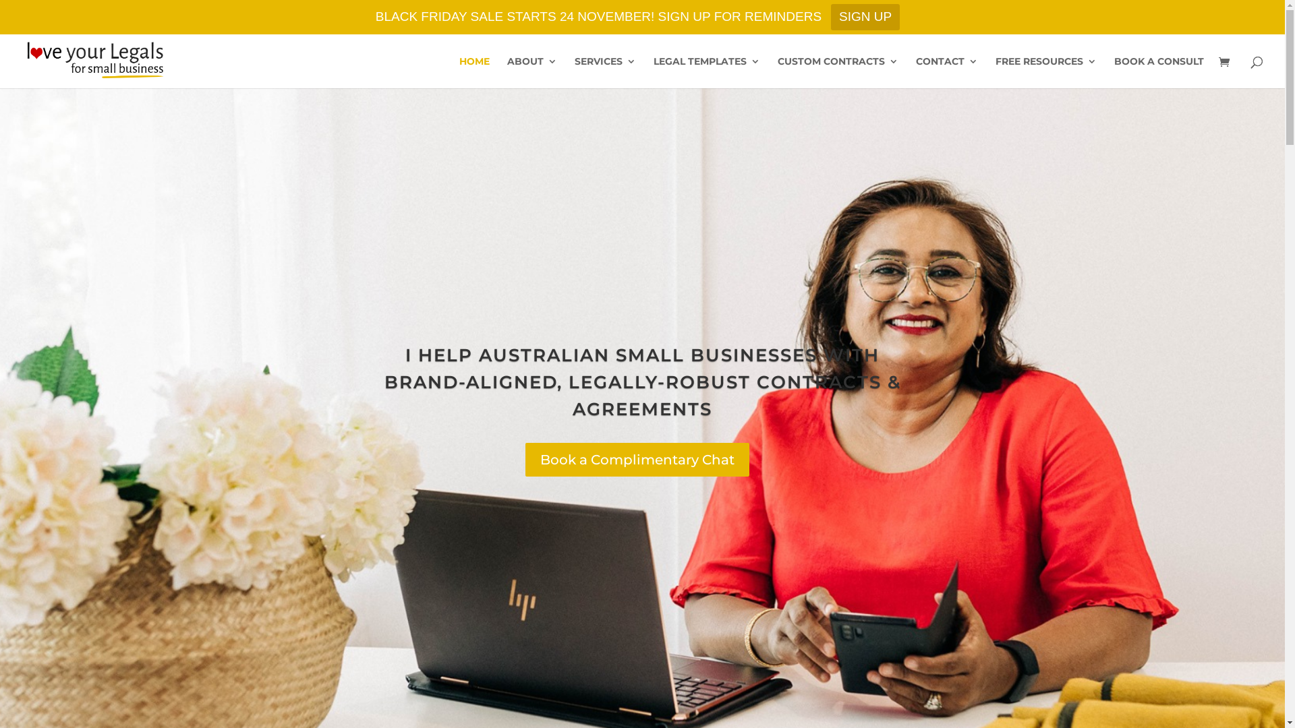 This screenshot has width=1295, height=728. What do you see at coordinates (459, 72) in the screenshot?
I see `'HOME'` at bounding box center [459, 72].